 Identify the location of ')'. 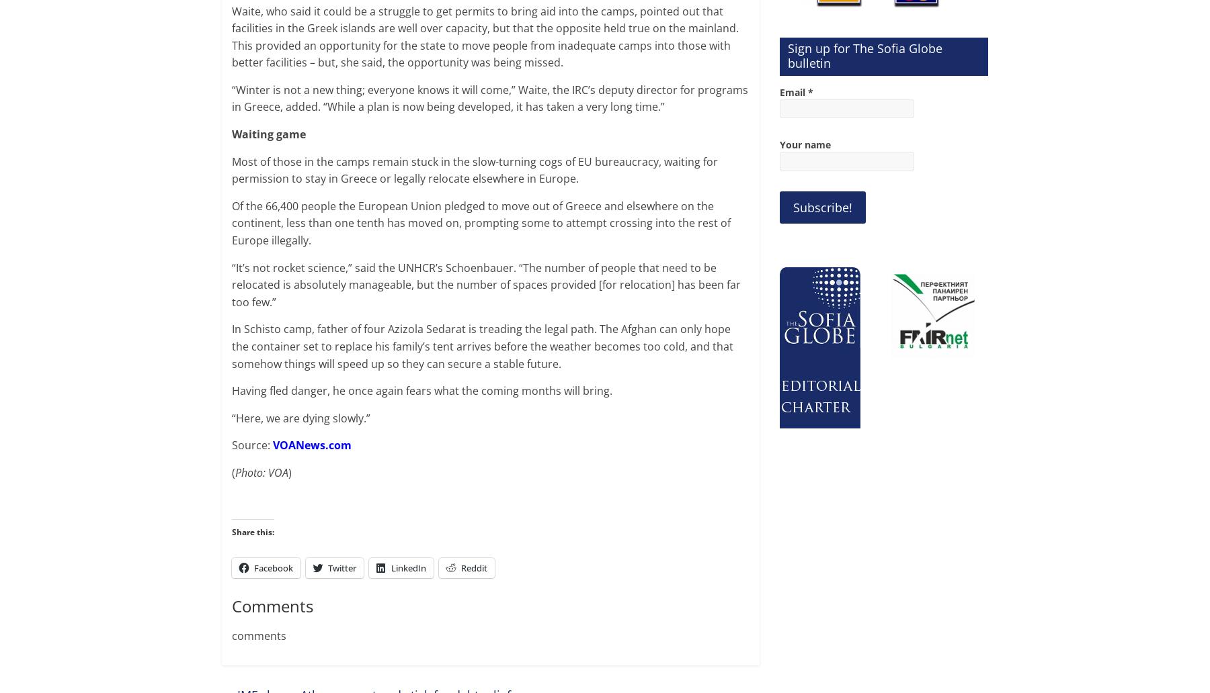
(290, 471).